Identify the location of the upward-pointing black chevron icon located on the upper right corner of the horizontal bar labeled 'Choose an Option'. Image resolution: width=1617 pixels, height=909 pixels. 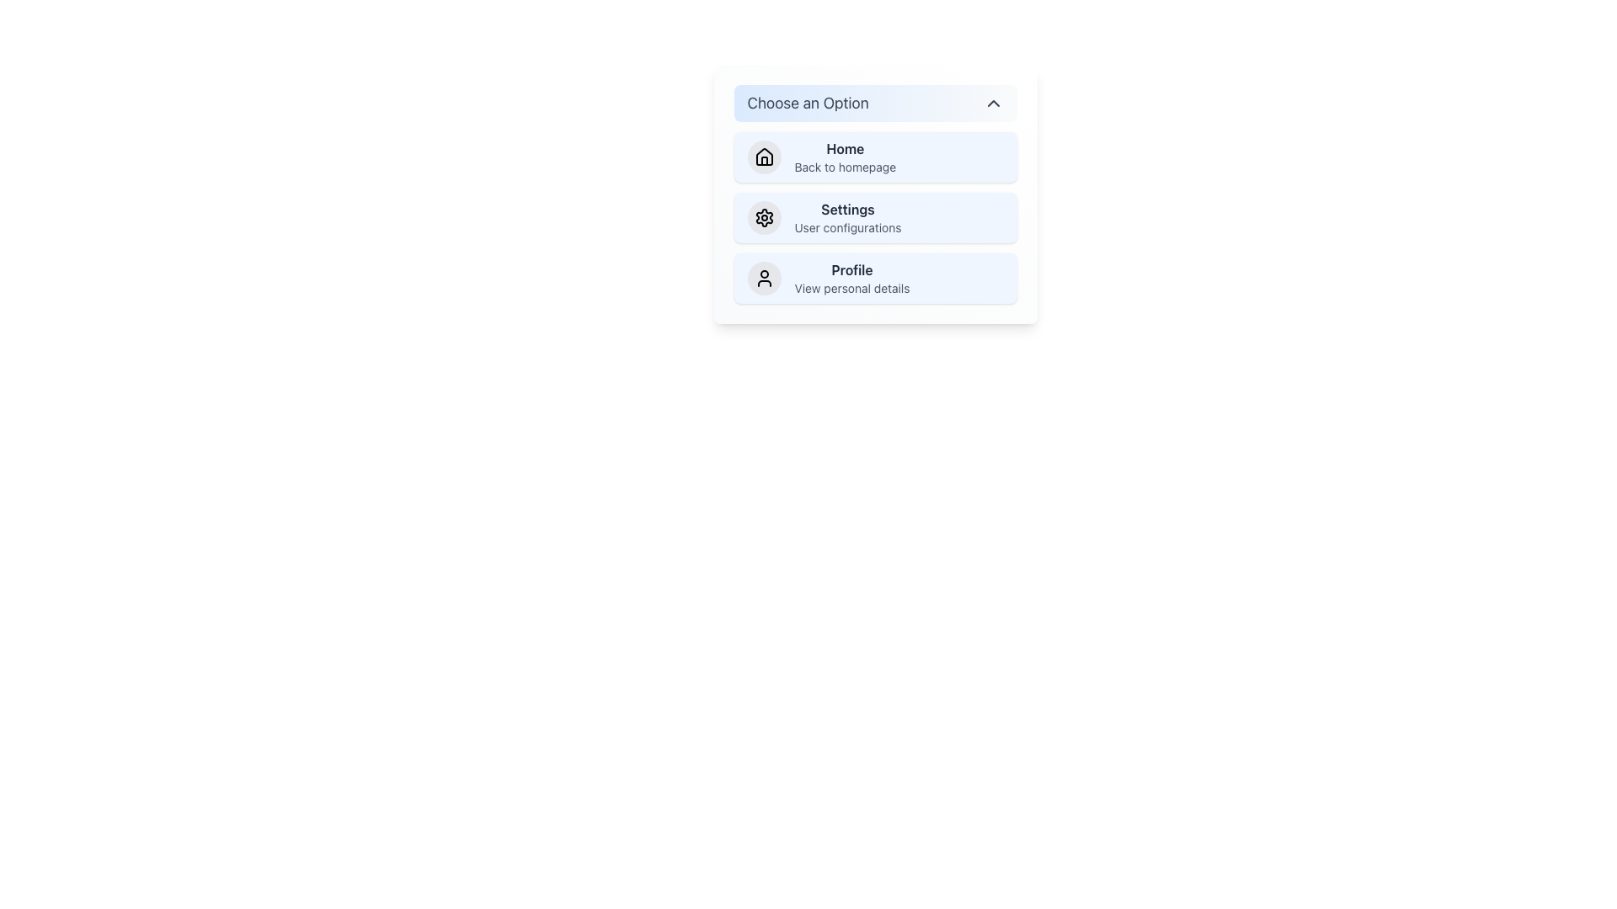
(993, 104).